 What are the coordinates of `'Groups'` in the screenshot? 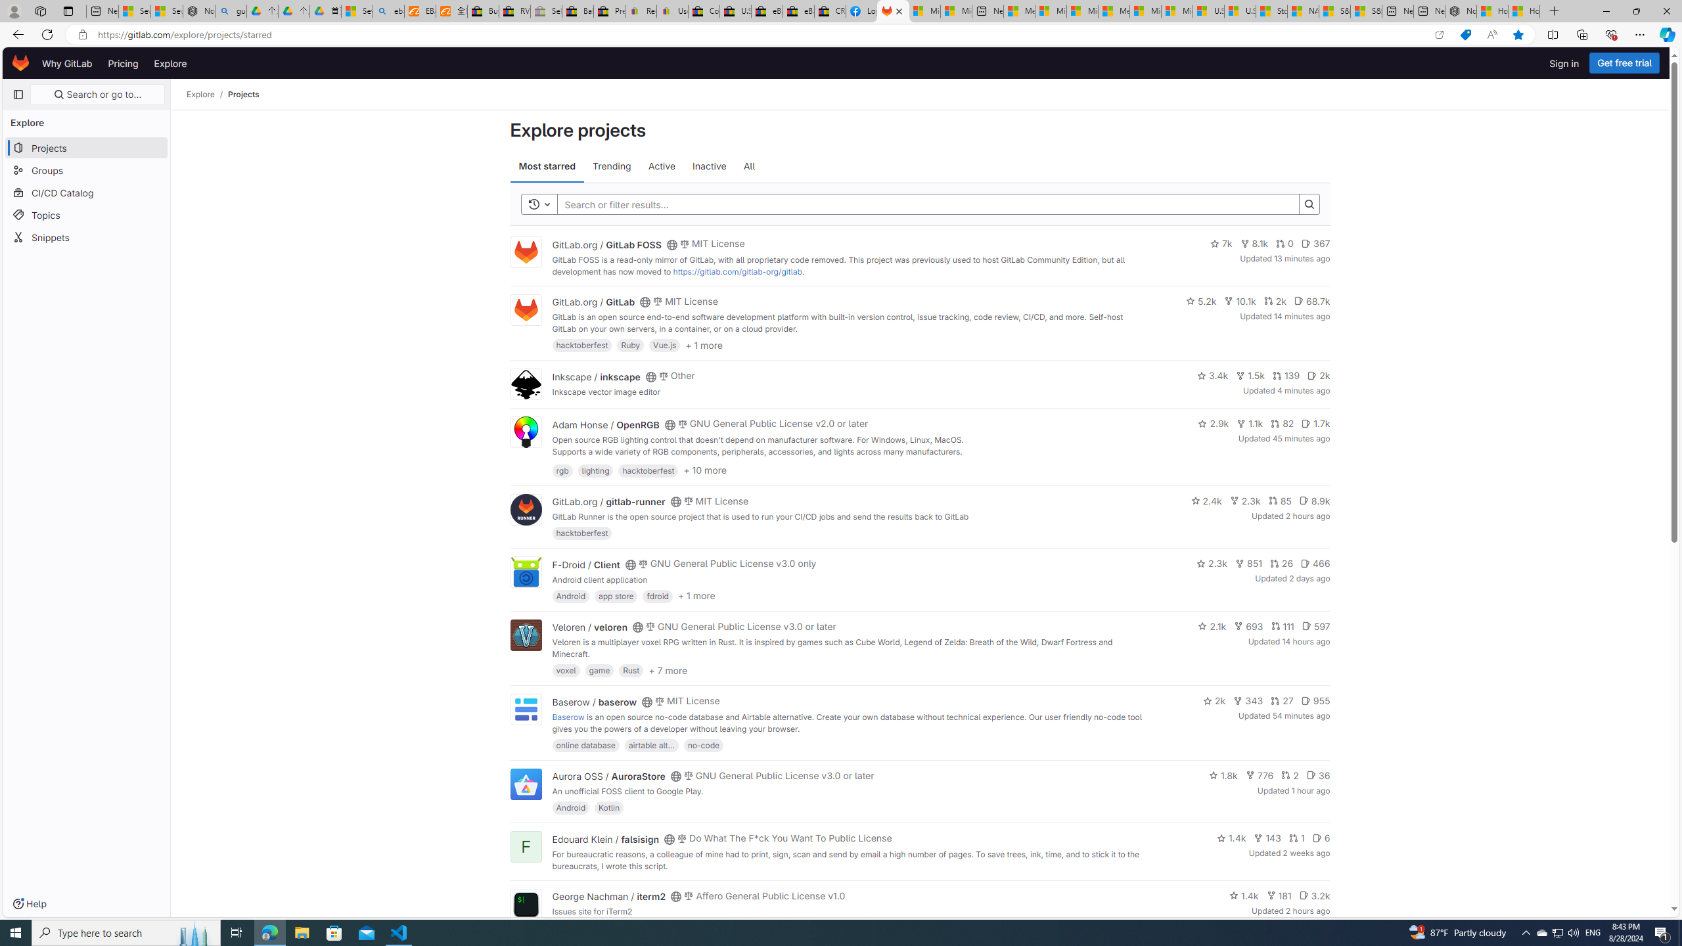 It's located at (85, 169).